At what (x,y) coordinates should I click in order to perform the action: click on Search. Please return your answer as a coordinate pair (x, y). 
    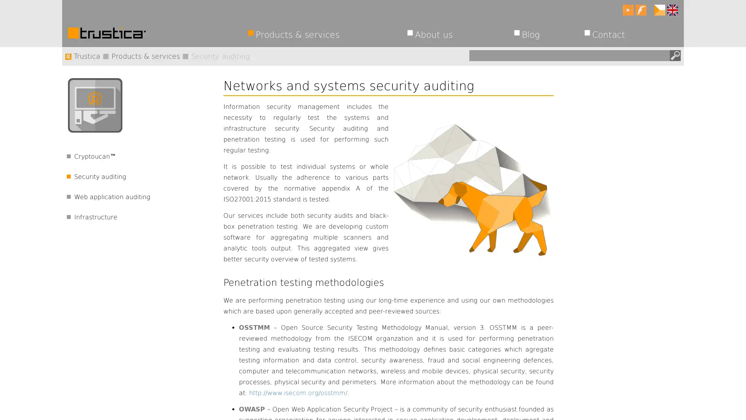
    Looking at the image, I should click on (675, 55).